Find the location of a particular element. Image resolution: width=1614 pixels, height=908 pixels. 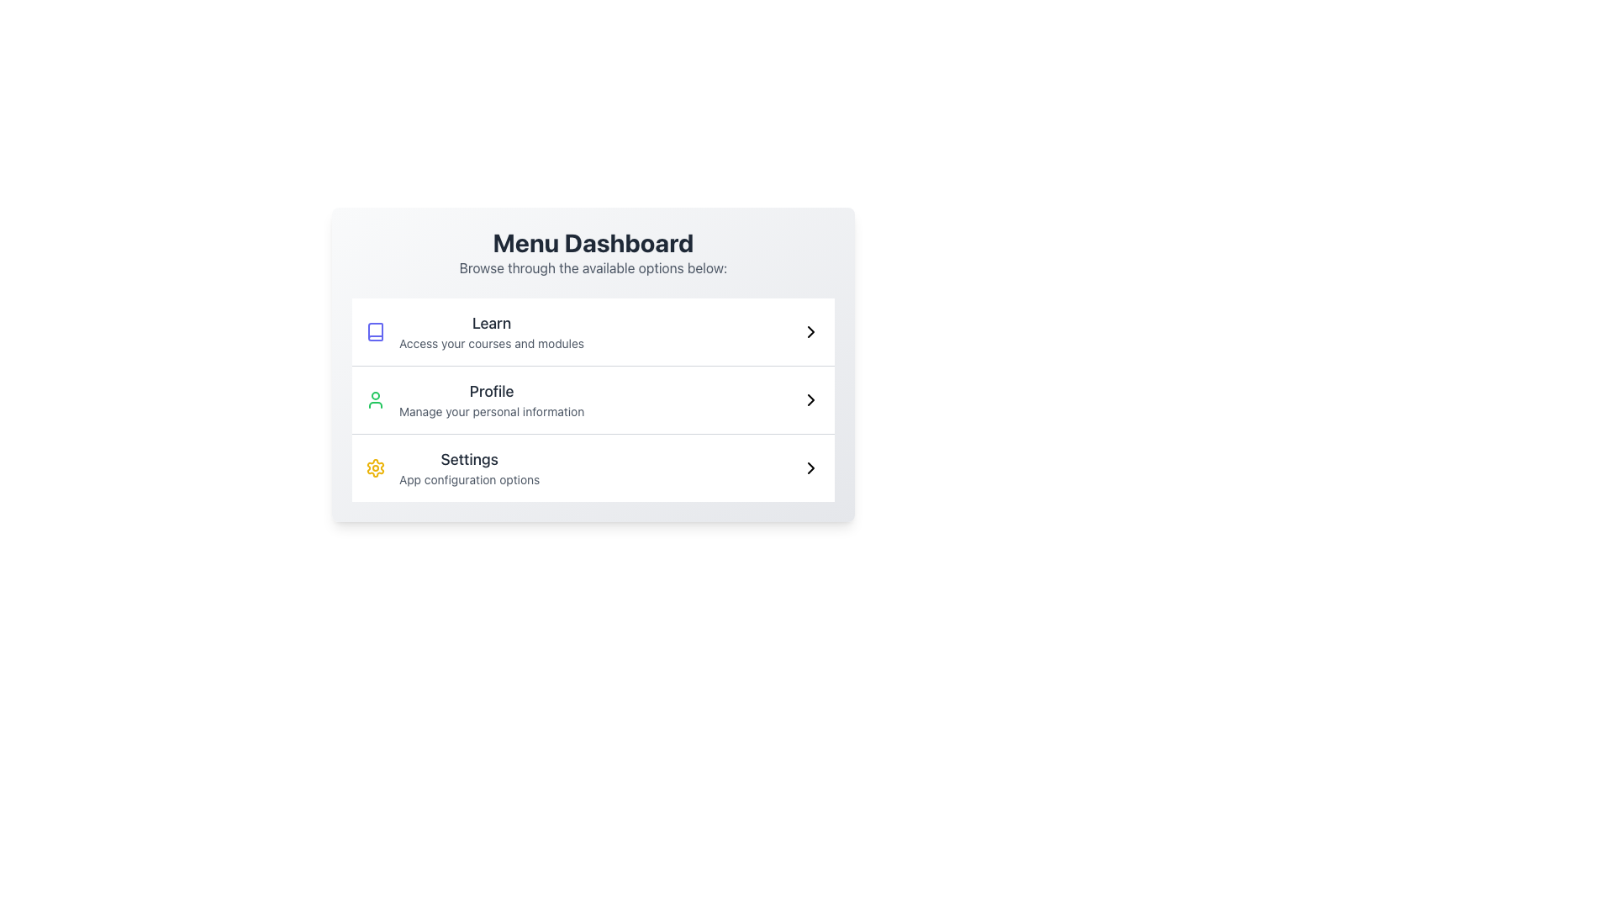

the label displaying 'App configuration options.' which is a small, gray-colored text located beneath the 'Settings' heading in the interface is located at coordinates (469, 479).